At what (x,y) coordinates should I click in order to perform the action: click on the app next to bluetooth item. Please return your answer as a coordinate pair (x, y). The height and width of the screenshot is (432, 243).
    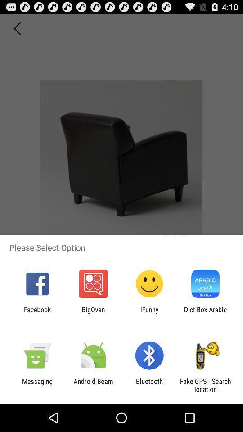
    Looking at the image, I should click on (93, 385).